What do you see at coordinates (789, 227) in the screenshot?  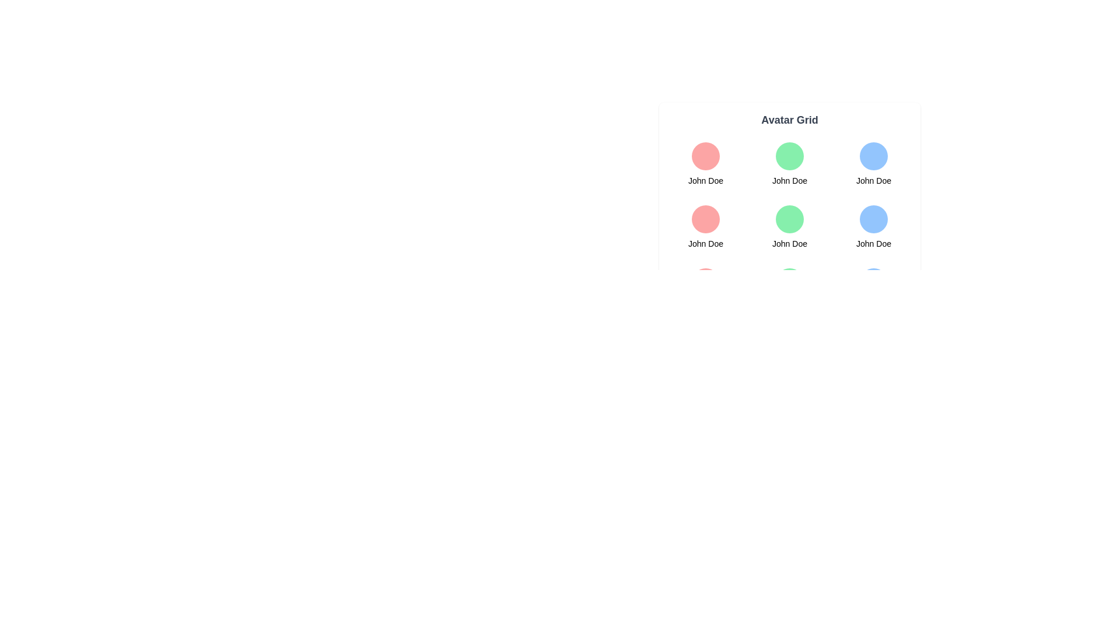 I see `the green circular avatar with the text 'John Doe' underneath it` at bounding box center [789, 227].